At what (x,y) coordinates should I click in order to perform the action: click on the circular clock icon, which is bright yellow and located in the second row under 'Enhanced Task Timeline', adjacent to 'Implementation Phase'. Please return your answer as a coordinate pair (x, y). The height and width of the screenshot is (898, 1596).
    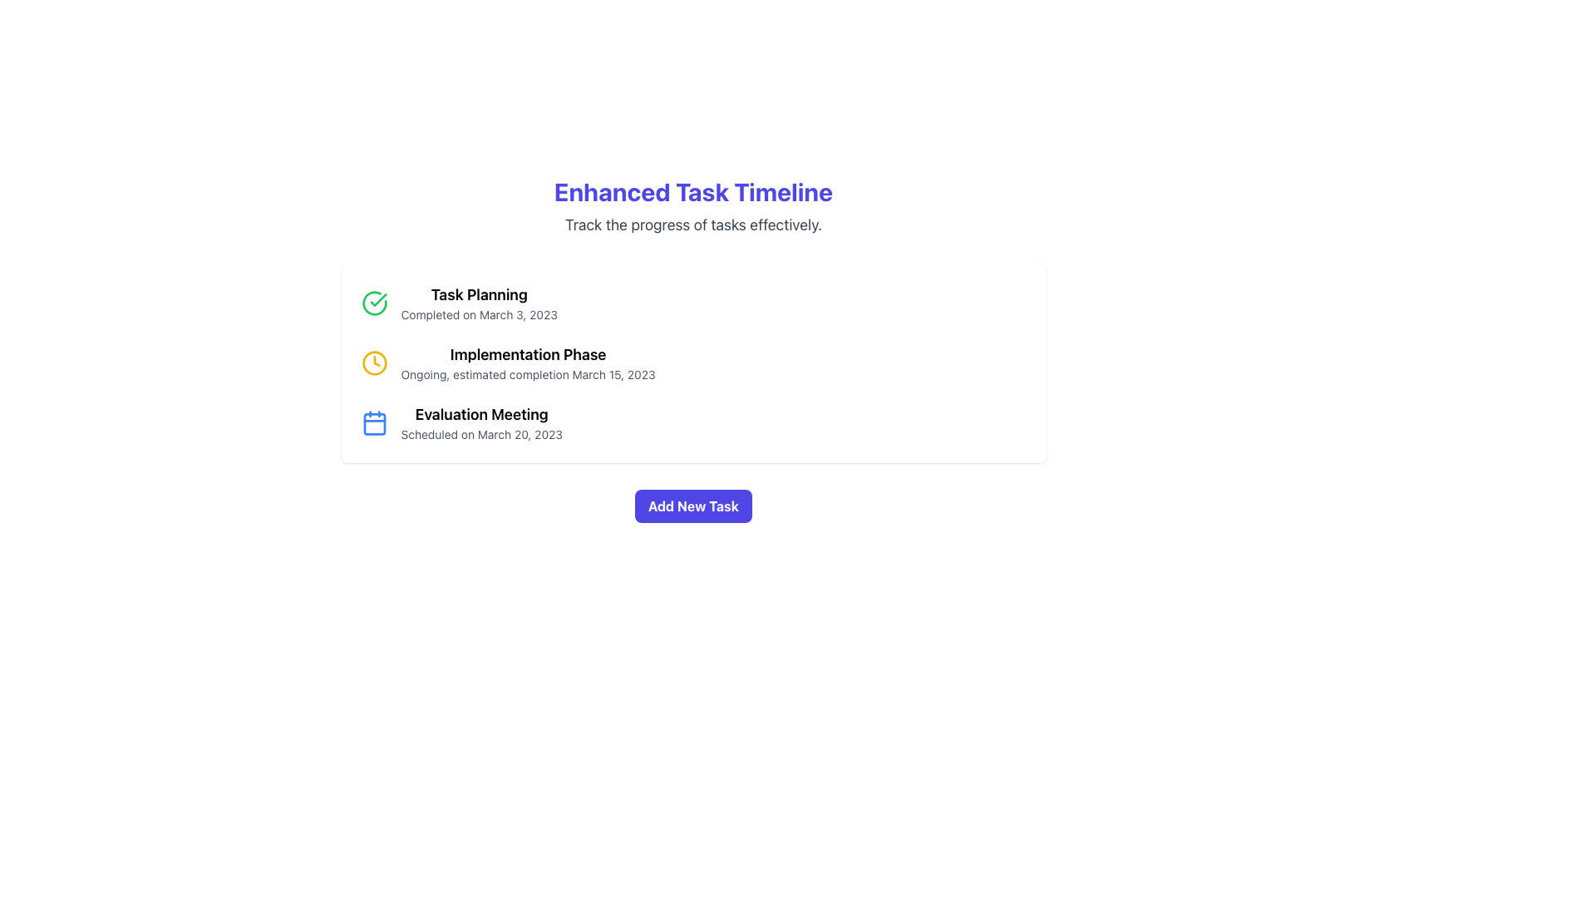
    Looking at the image, I should click on (373, 362).